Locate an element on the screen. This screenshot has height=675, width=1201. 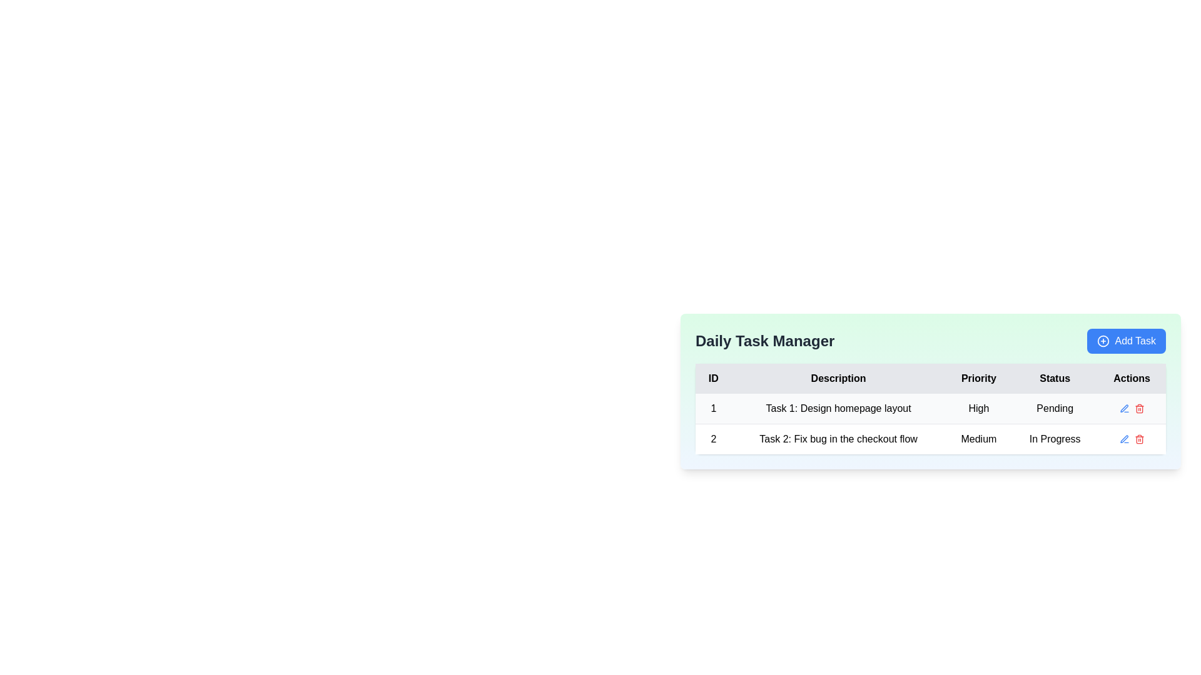
the blue pen icon button in the second row of the table under the 'Actions' column to possibly see a tooltip is located at coordinates (1124, 409).